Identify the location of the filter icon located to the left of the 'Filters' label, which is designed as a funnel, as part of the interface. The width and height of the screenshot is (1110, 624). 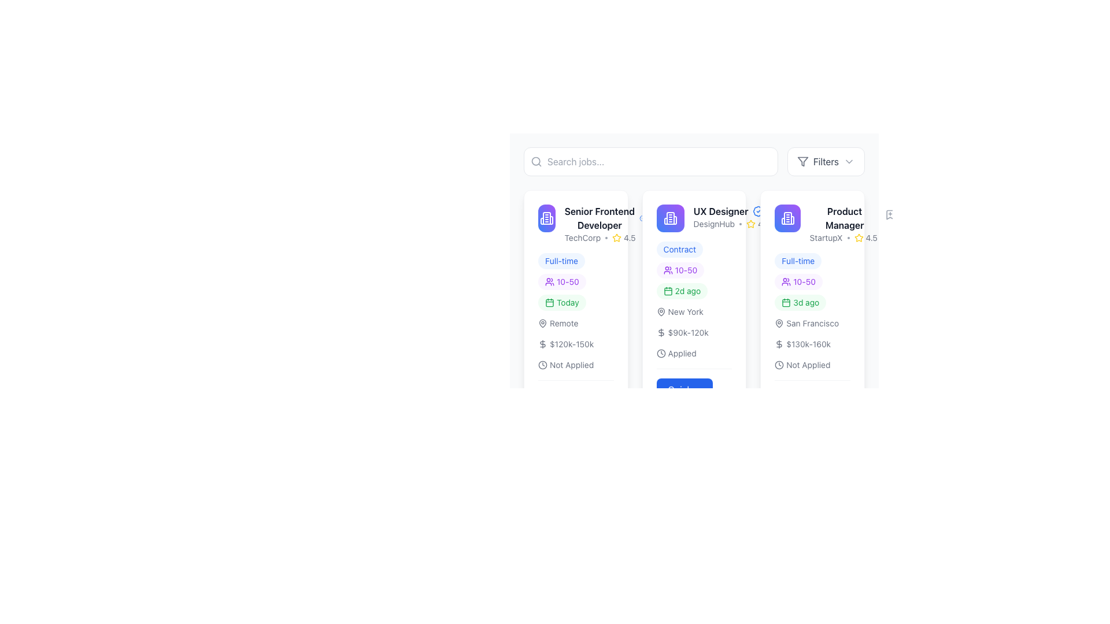
(802, 162).